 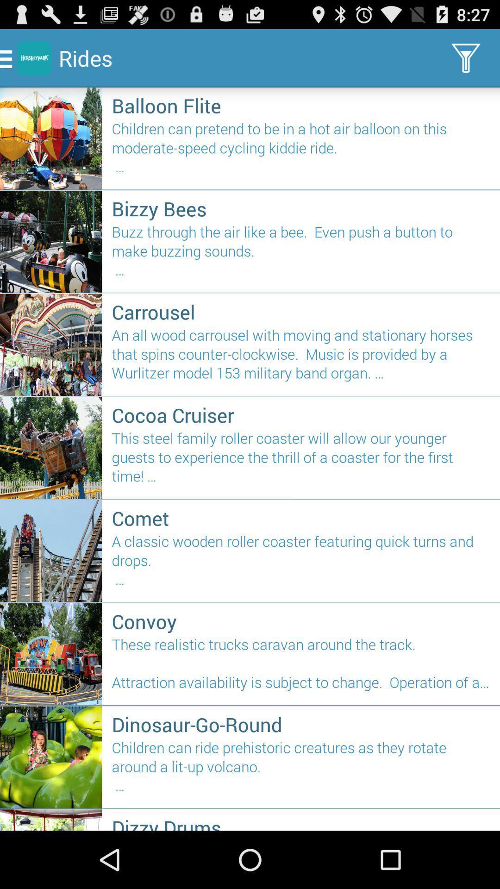 What do you see at coordinates (301, 414) in the screenshot?
I see `cocoa cruiser item` at bounding box center [301, 414].